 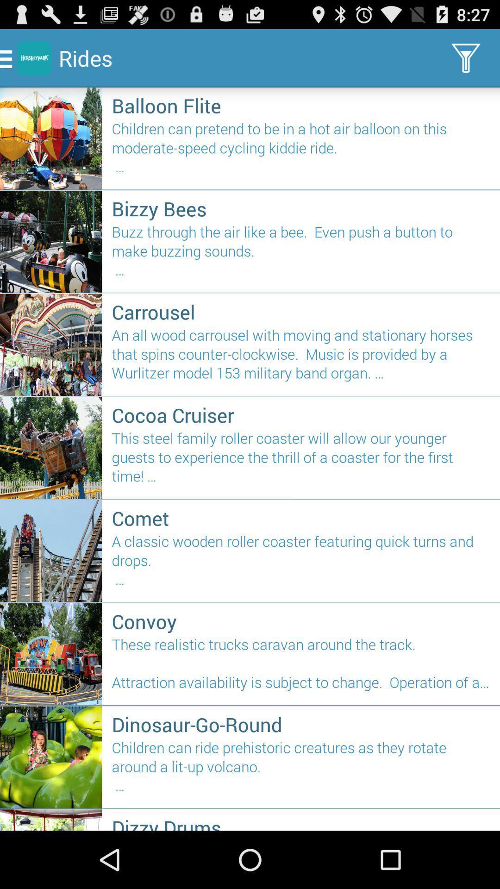 What do you see at coordinates (301, 414) in the screenshot?
I see `cocoa cruiser item` at bounding box center [301, 414].